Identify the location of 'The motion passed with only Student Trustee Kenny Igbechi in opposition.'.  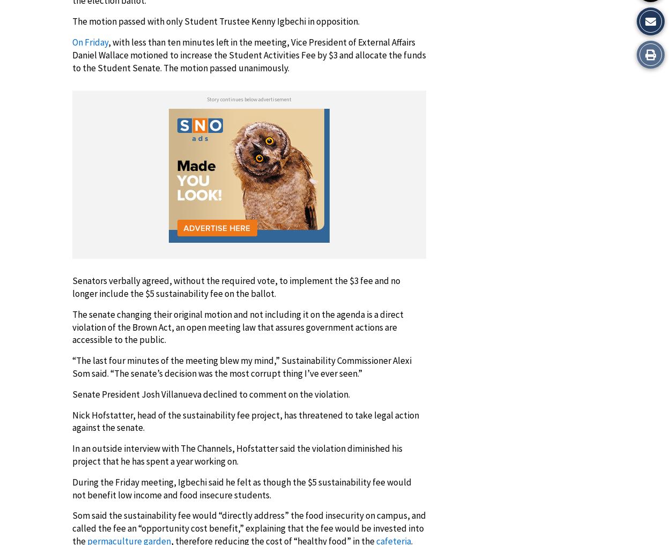
(72, 20).